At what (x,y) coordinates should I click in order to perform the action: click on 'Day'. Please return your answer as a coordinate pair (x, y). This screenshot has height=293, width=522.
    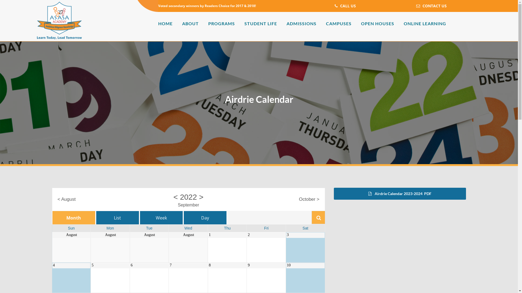
    Looking at the image, I should click on (184, 217).